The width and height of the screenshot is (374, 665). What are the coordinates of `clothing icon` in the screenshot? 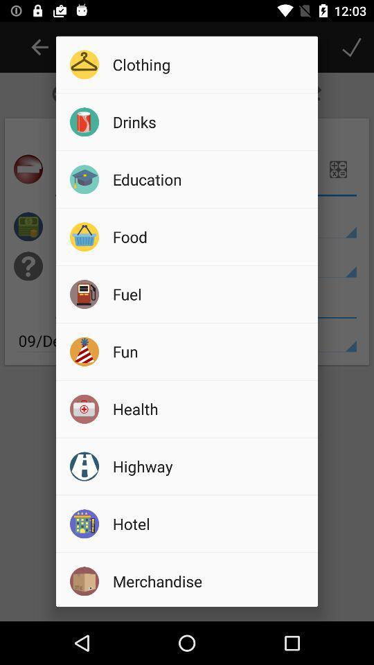 It's located at (210, 64).